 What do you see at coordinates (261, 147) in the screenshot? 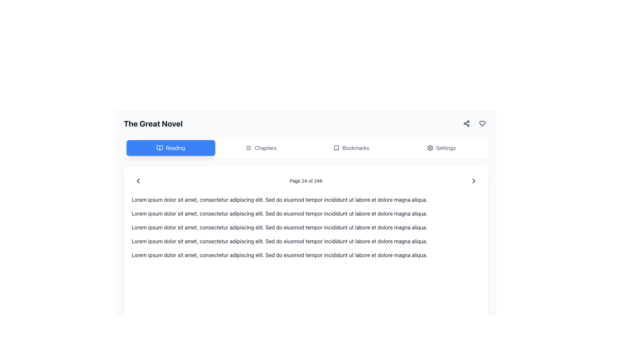
I see `the 'Chapters' button, which is the second button in a group of four buttons in the navigation bar` at bounding box center [261, 147].